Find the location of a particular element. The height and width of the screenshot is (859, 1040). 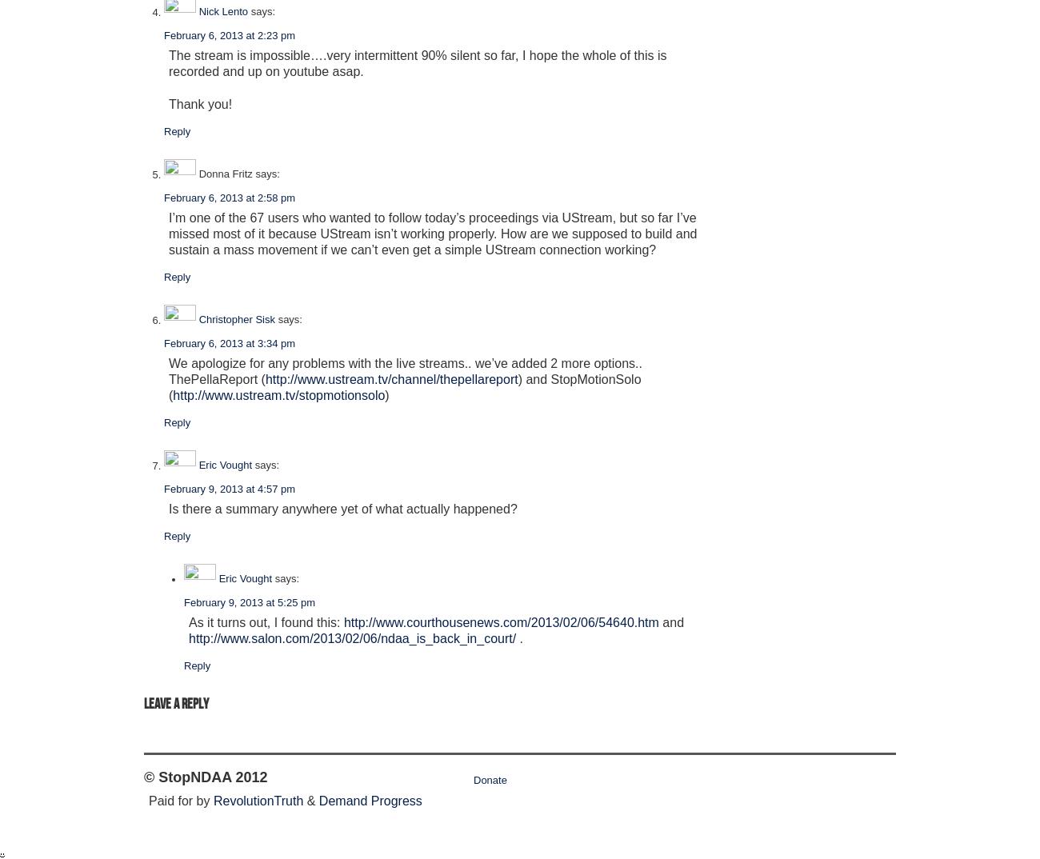

') and StopMotionSolo (' is located at coordinates (404, 387).